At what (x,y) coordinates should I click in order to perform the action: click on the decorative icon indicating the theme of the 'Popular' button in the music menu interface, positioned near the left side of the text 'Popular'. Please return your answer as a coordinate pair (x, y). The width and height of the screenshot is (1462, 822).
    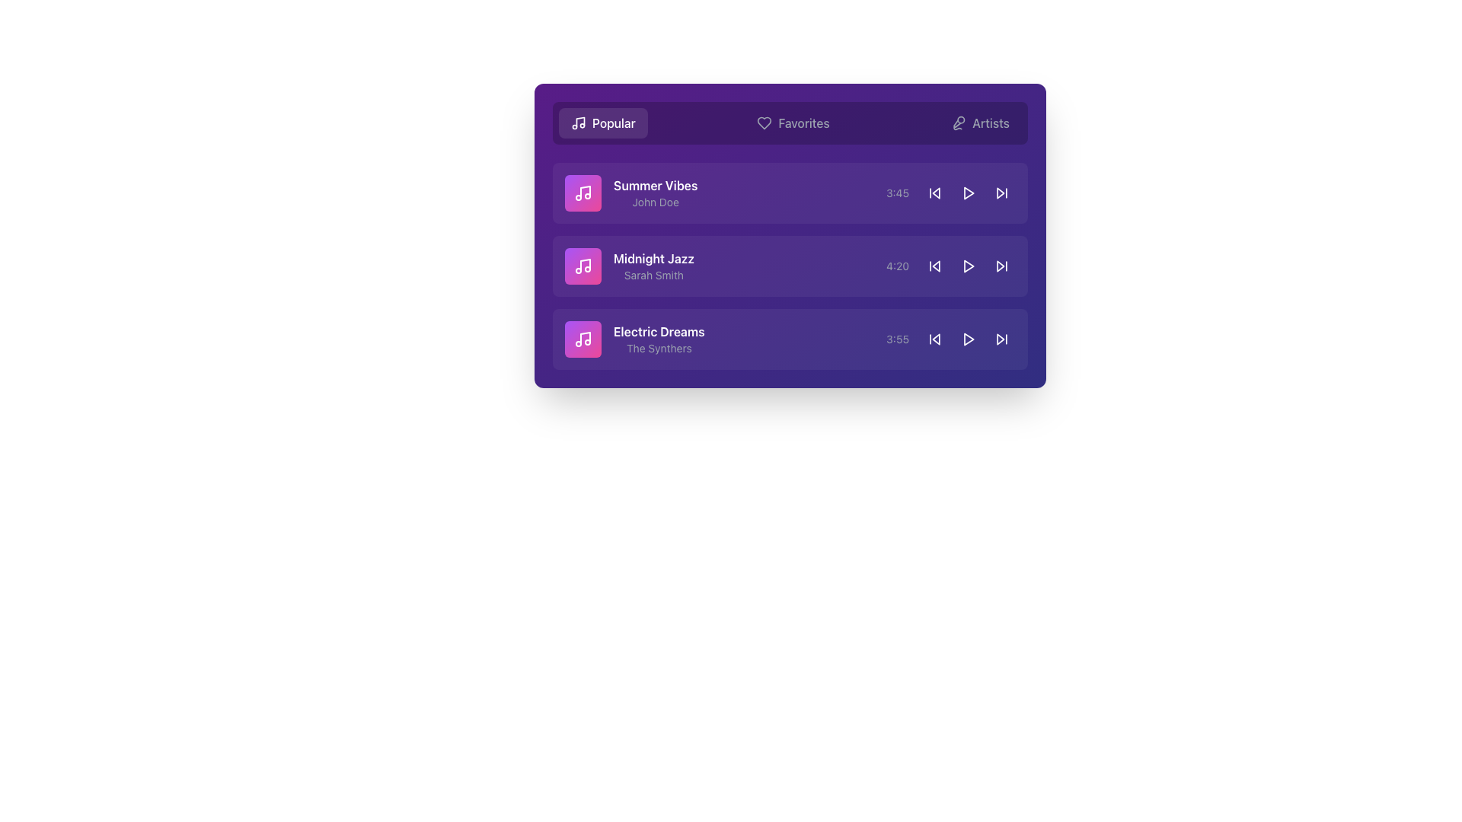
    Looking at the image, I should click on (579, 121).